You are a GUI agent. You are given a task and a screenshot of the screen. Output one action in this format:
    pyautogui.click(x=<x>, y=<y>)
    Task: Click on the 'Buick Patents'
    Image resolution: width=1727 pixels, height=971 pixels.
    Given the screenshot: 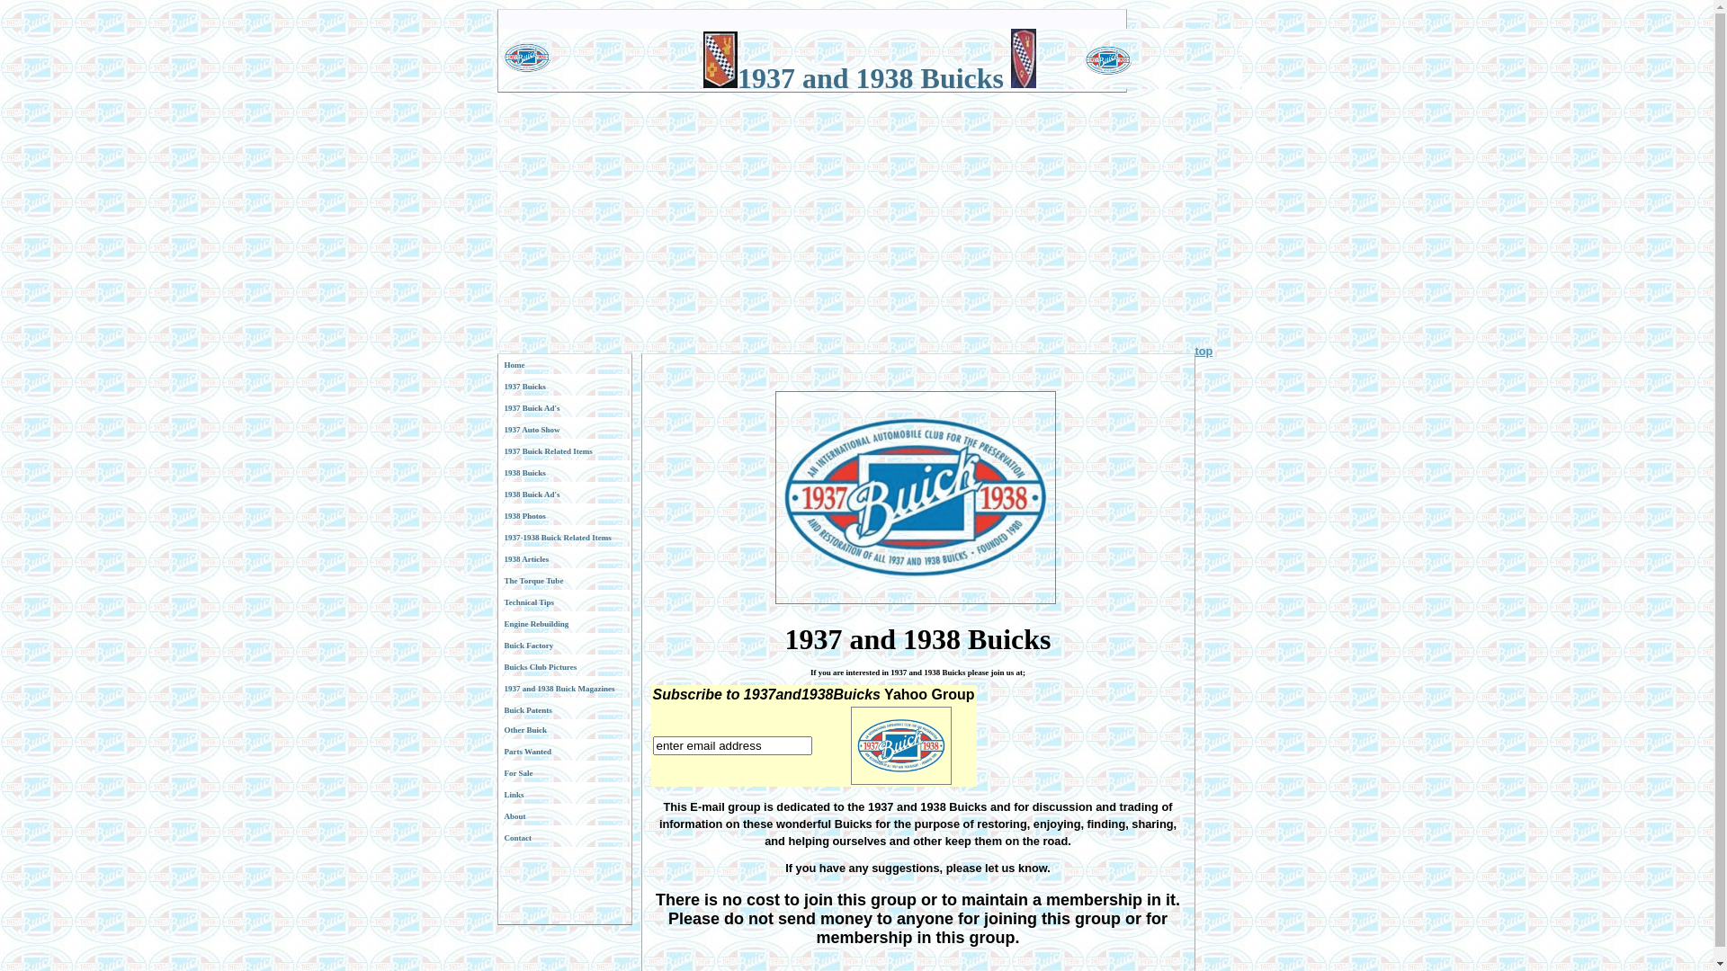 What is the action you would take?
    pyautogui.click(x=563, y=709)
    